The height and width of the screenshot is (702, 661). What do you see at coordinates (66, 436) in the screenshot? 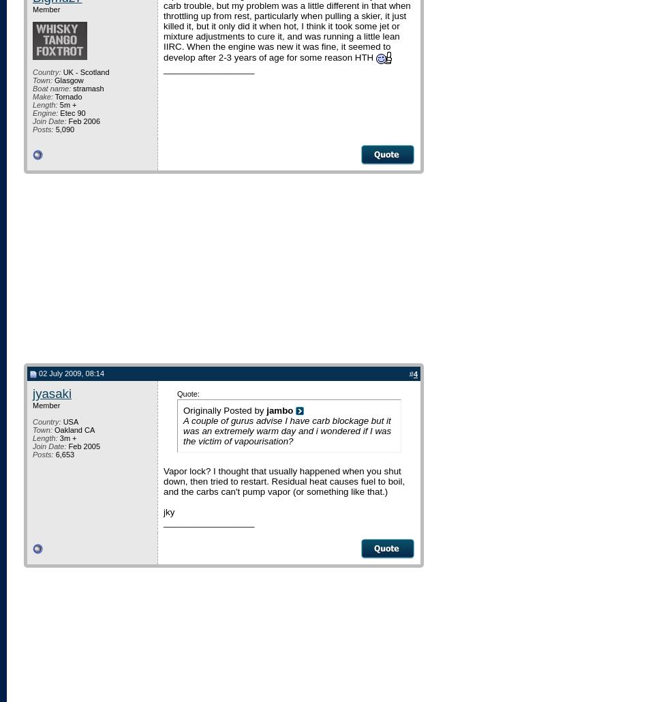
I see `'3m +'` at bounding box center [66, 436].